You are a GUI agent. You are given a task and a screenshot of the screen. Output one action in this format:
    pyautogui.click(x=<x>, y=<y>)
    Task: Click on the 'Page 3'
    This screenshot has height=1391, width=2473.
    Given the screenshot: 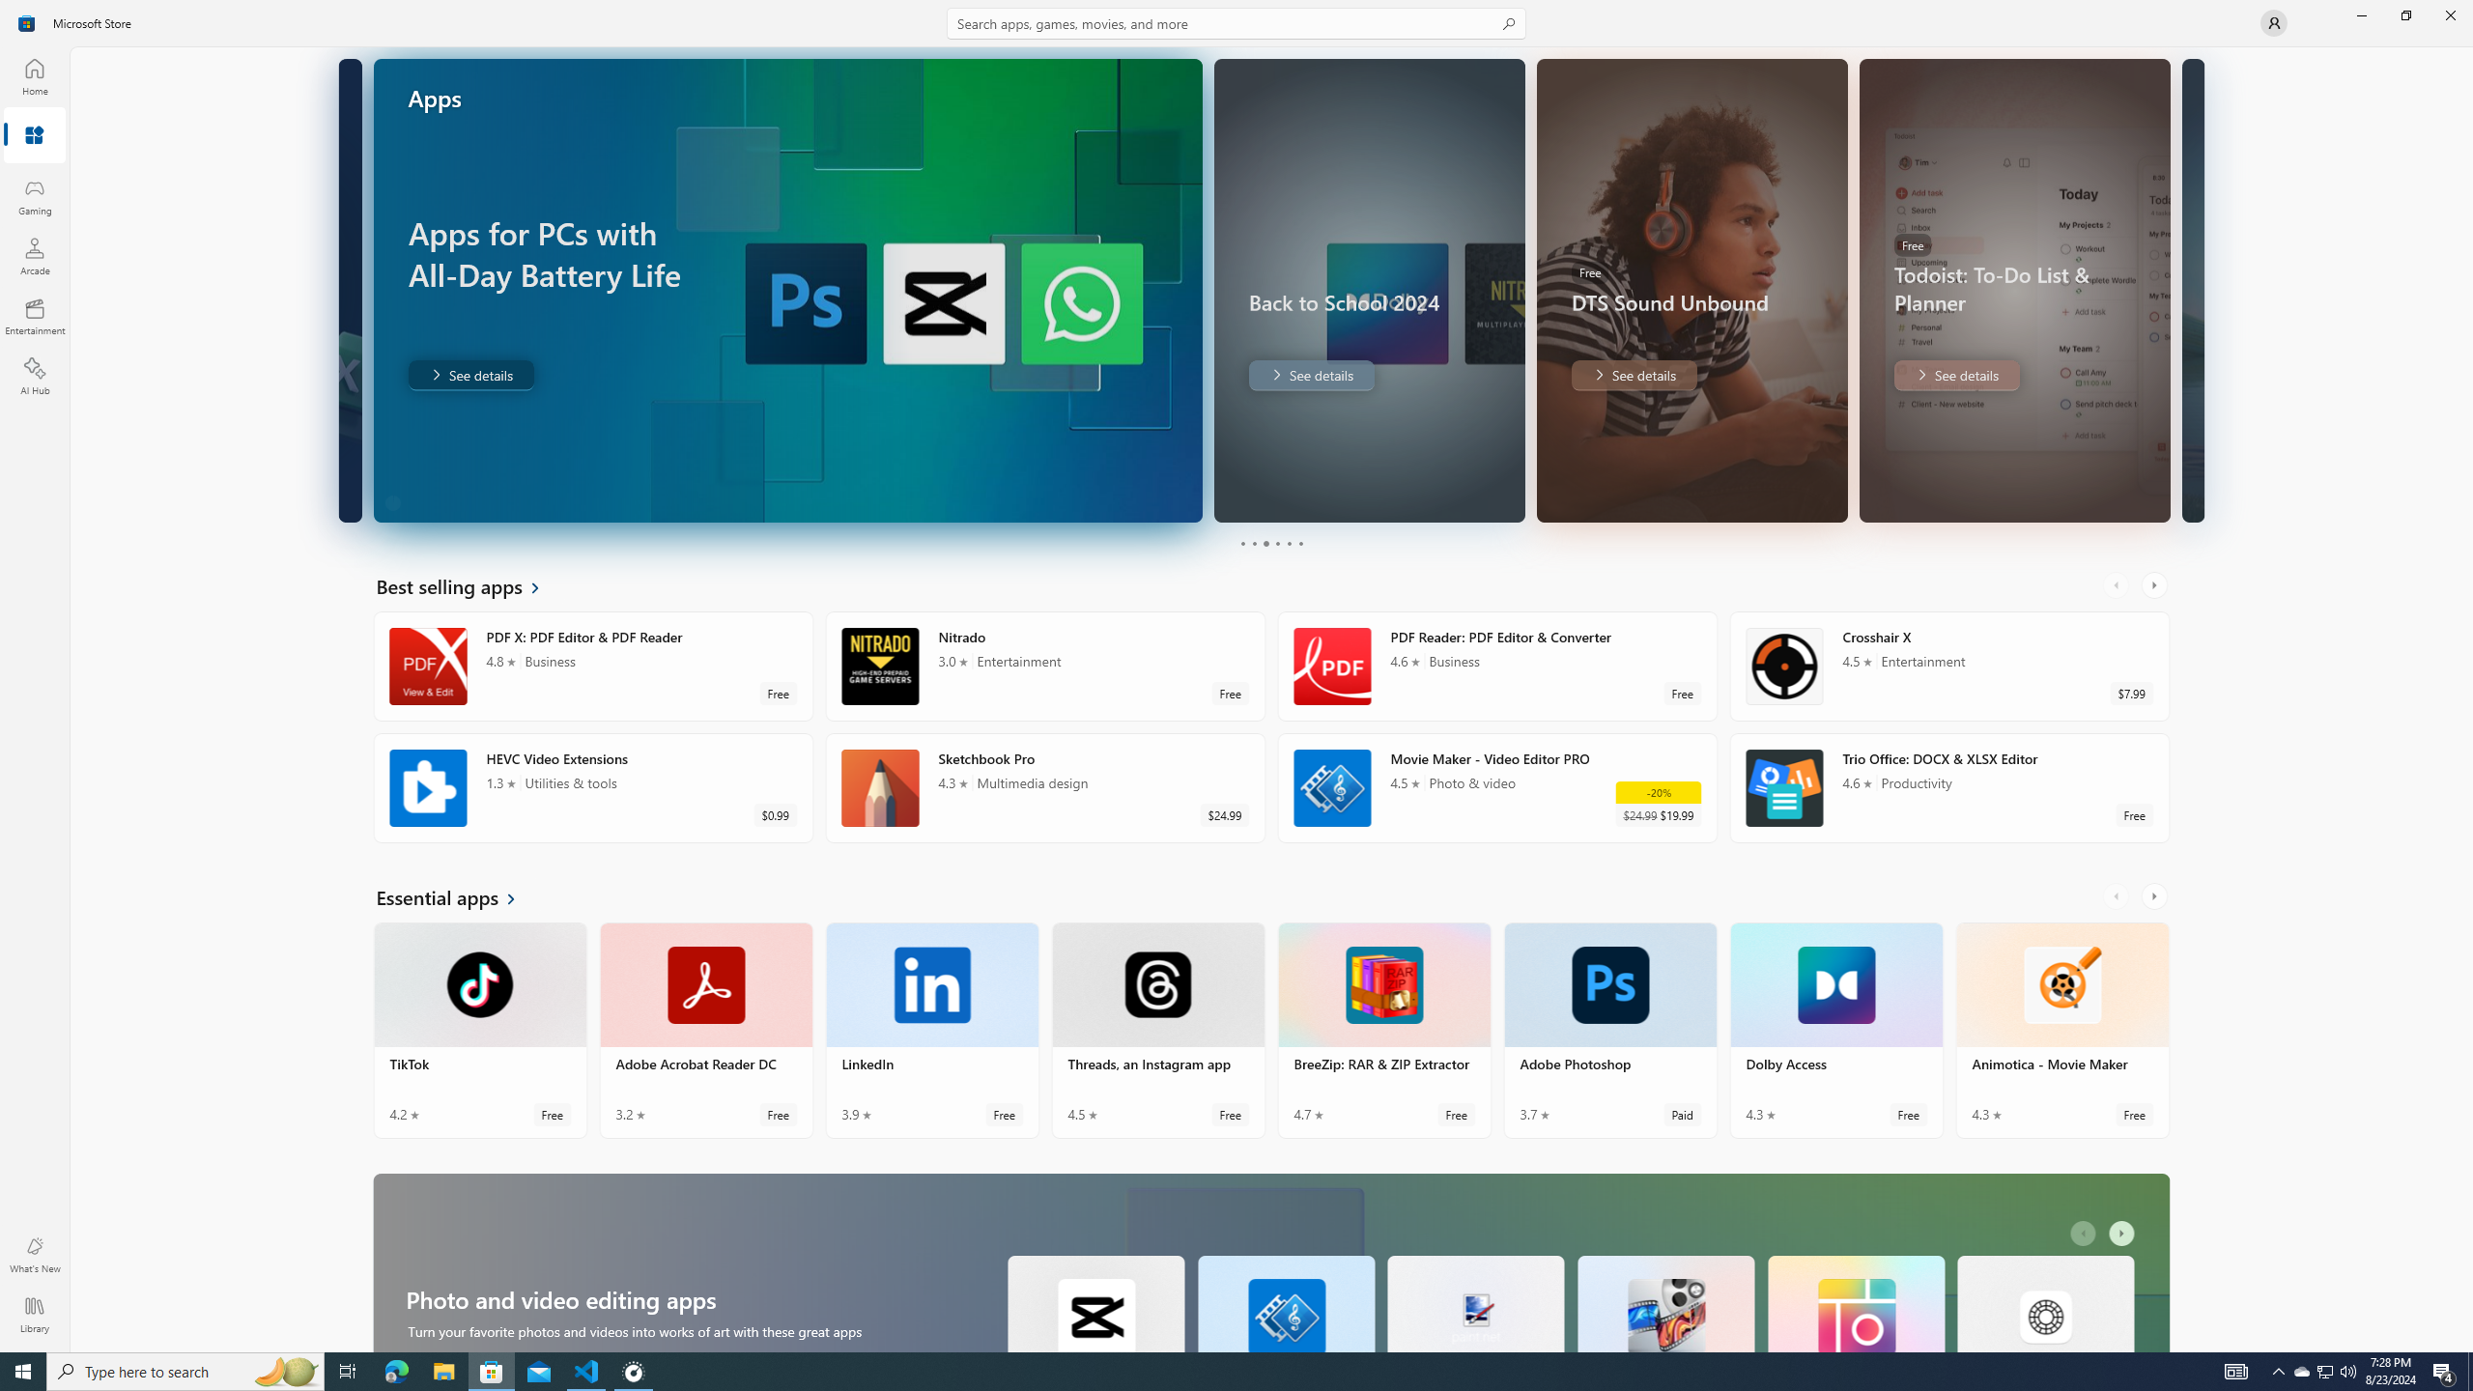 What is the action you would take?
    pyautogui.click(x=1264, y=543)
    